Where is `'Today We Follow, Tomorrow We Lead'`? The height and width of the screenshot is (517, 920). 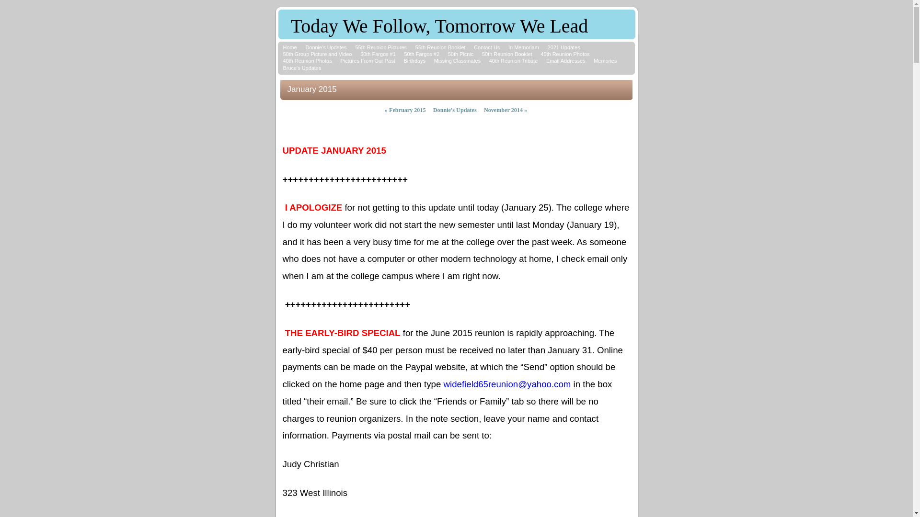
'Today We Follow, Tomorrow We Lead' is located at coordinates (289, 28).